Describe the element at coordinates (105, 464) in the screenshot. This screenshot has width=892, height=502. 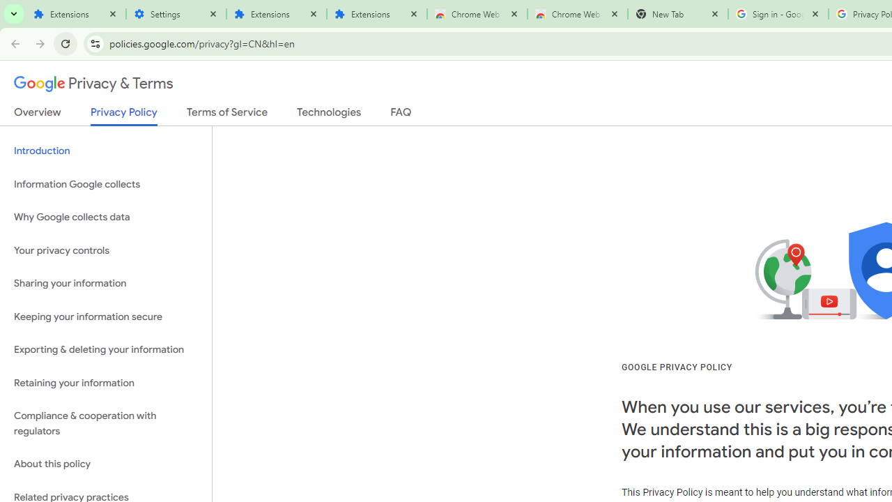
I see `'About this policy'` at that location.